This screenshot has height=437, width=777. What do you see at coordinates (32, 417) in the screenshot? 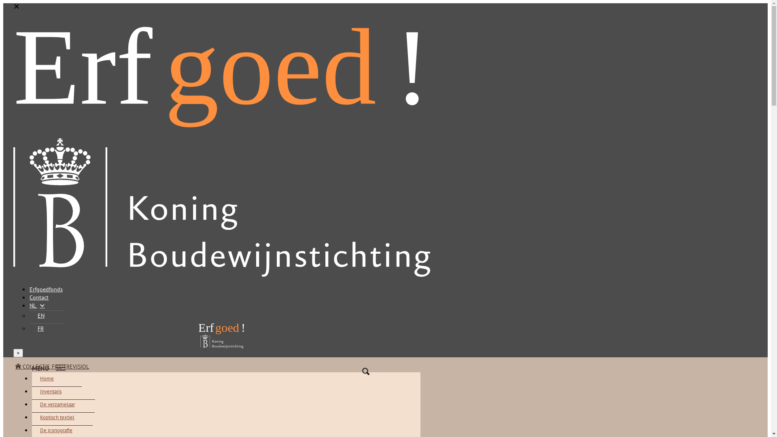
I see `'Koptisch textiel'` at bounding box center [32, 417].